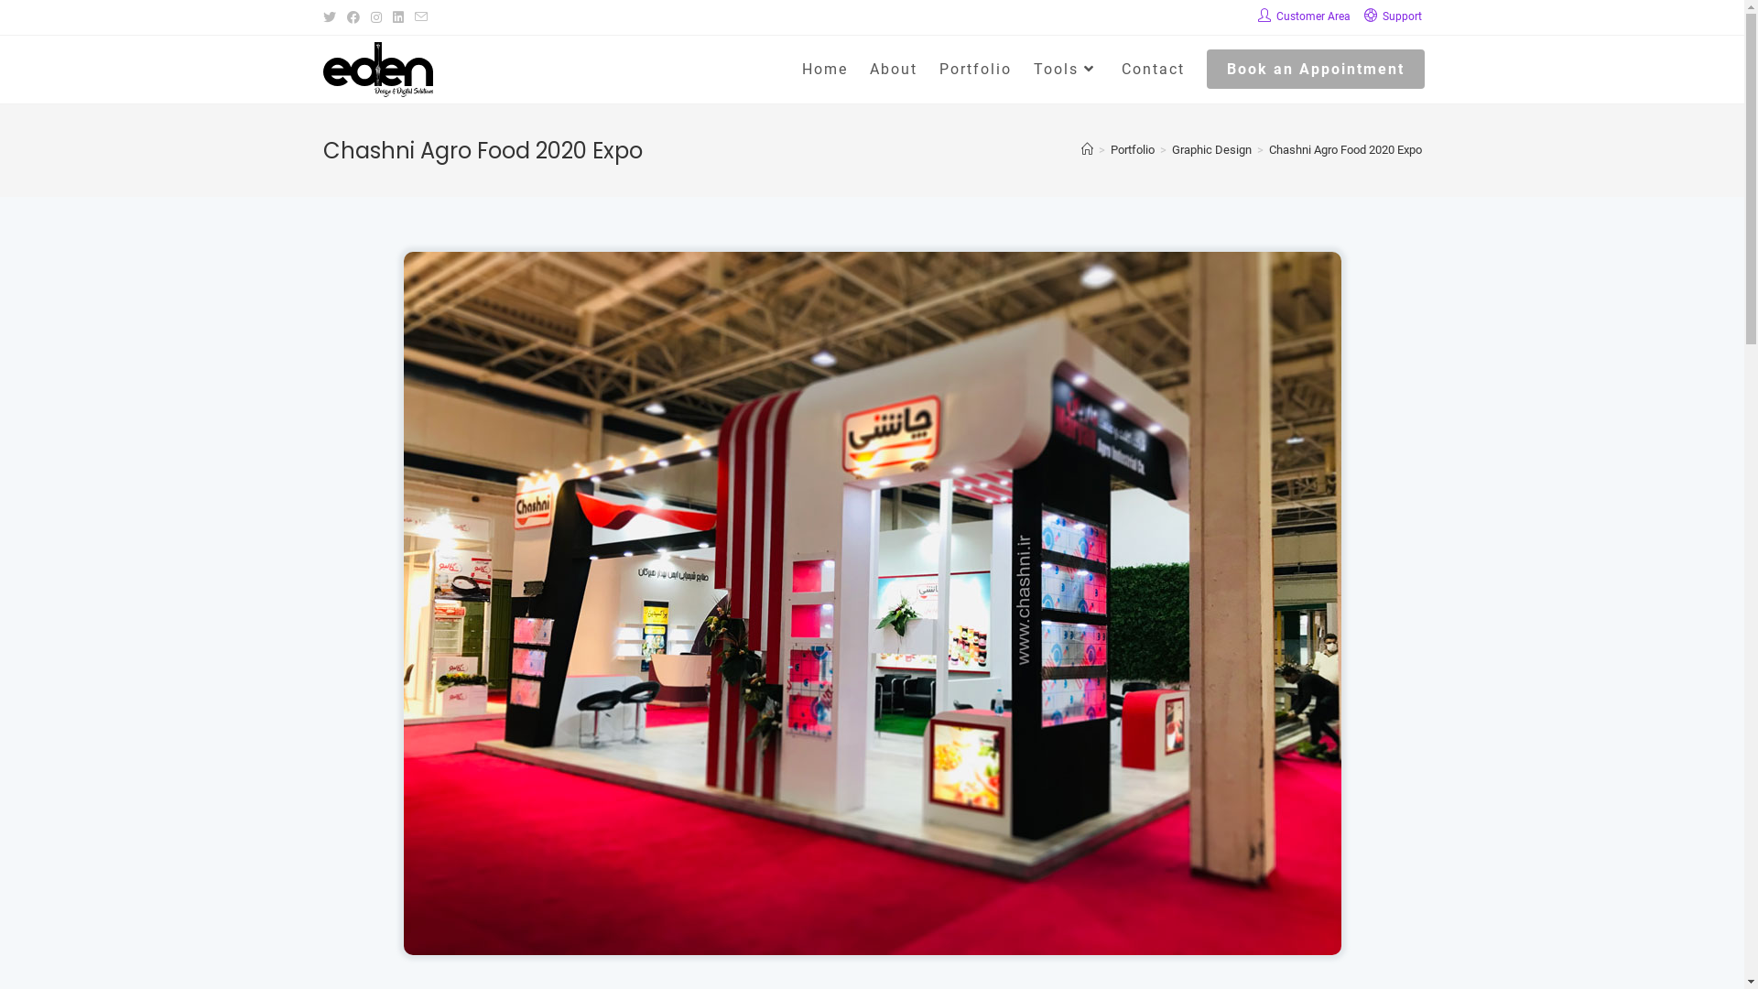 The height and width of the screenshot is (989, 1758). Describe the element at coordinates (734, 822) in the screenshot. I see `'Signage Design'` at that location.